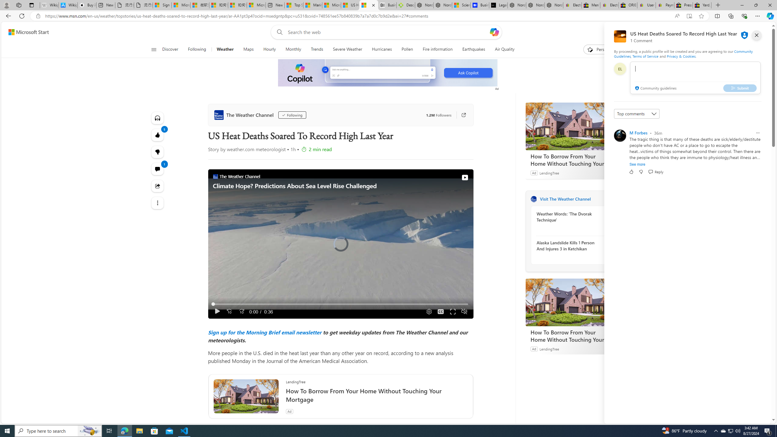 Image resolution: width=777 pixels, height=437 pixels. Describe the element at coordinates (278, 32) in the screenshot. I see `'Web search'` at that location.